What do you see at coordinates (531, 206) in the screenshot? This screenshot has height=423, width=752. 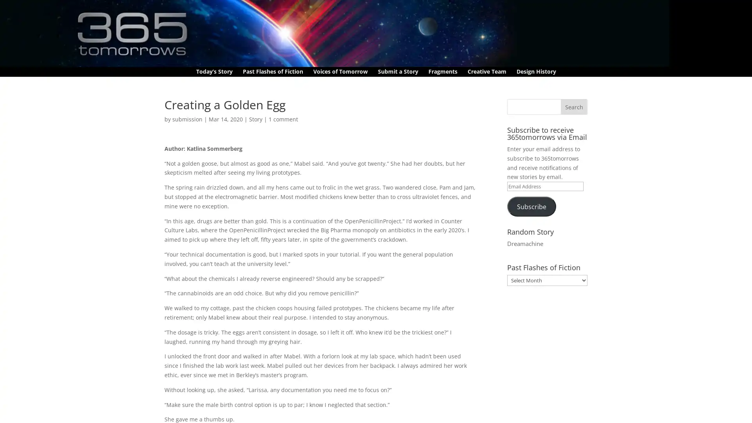 I see `Subscribe` at bounding box center [531, 206].